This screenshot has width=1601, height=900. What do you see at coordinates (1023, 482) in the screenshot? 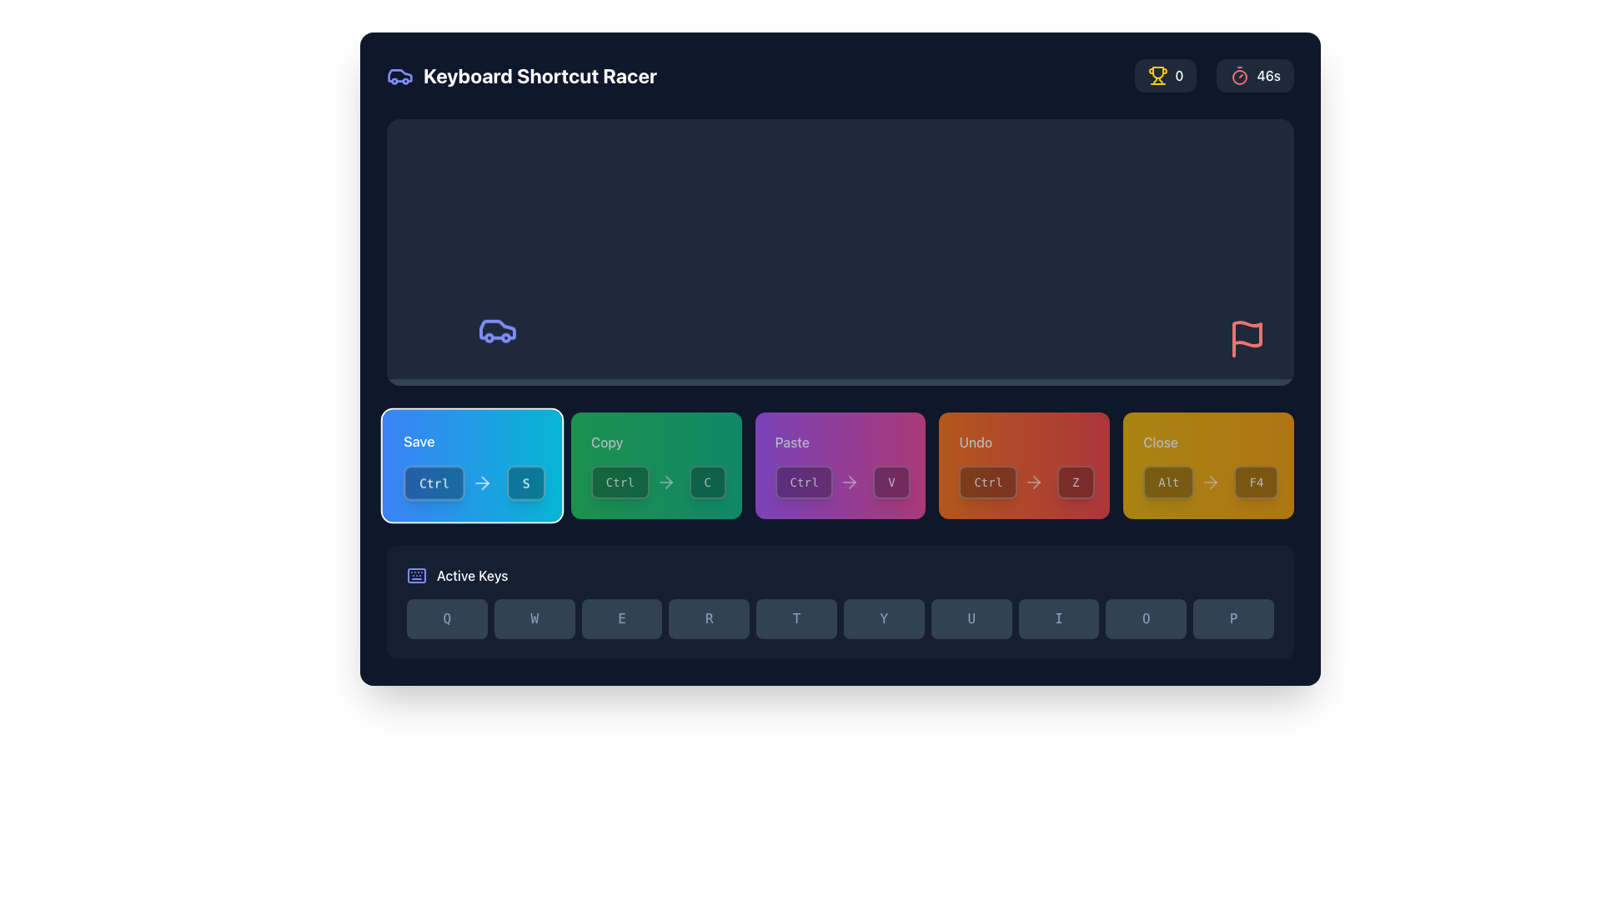
I see `the 'Undo' button that visually represents the keyboard shortcut 'Ctrl + Z'` at bounding box center [1023, 482].